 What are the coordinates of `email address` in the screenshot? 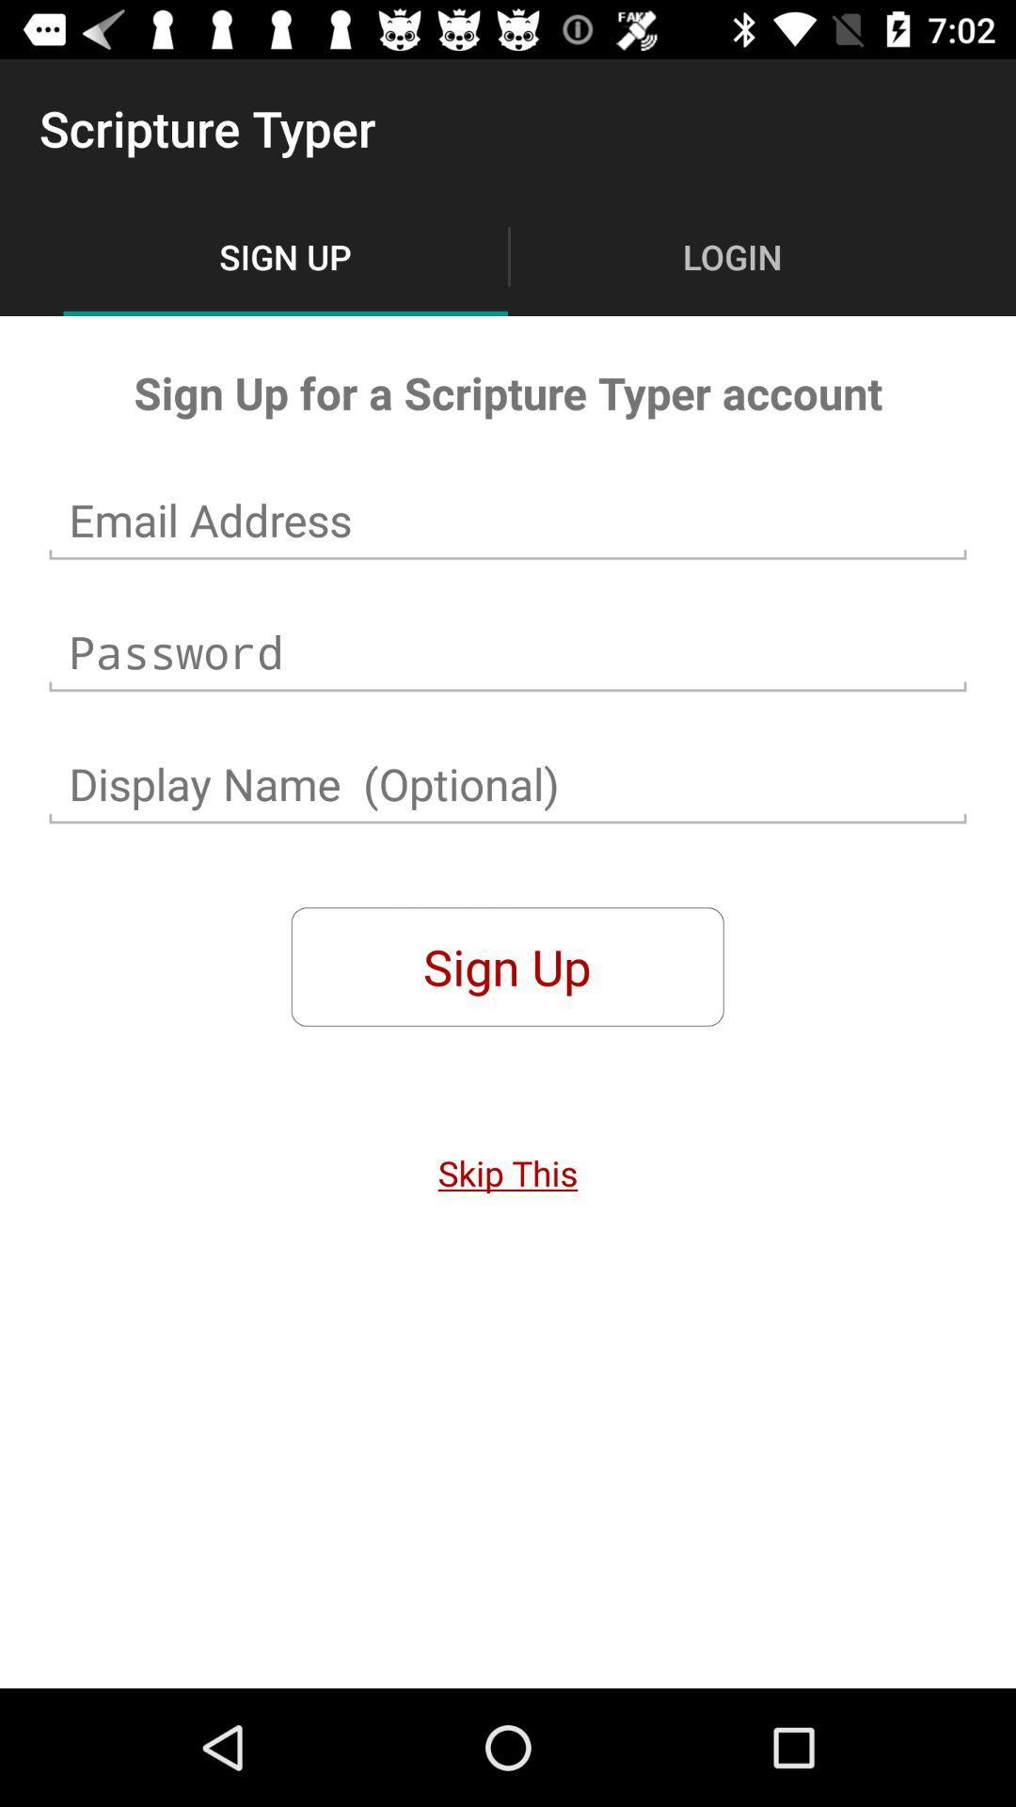 It's located at (508, 520).